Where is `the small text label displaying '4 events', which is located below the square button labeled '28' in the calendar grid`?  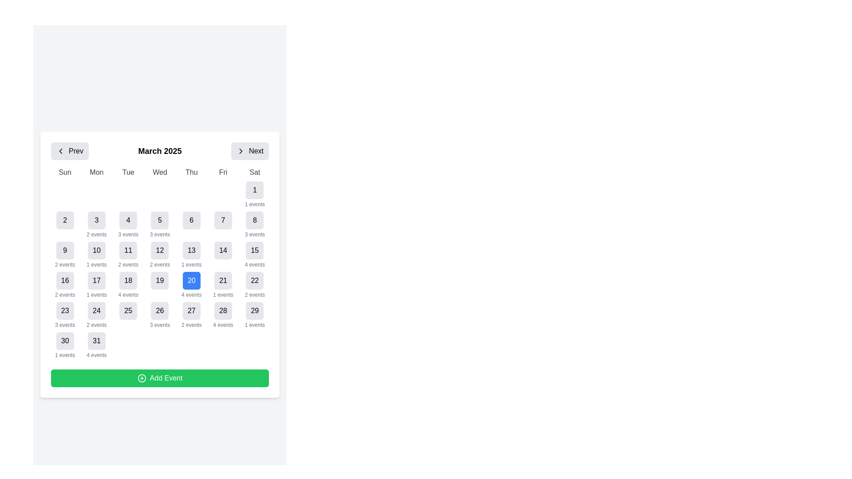 the small text label displaying '4 events', which is located below the square button labeled '28' in the calendar grid is located at coordinates (223, 325).